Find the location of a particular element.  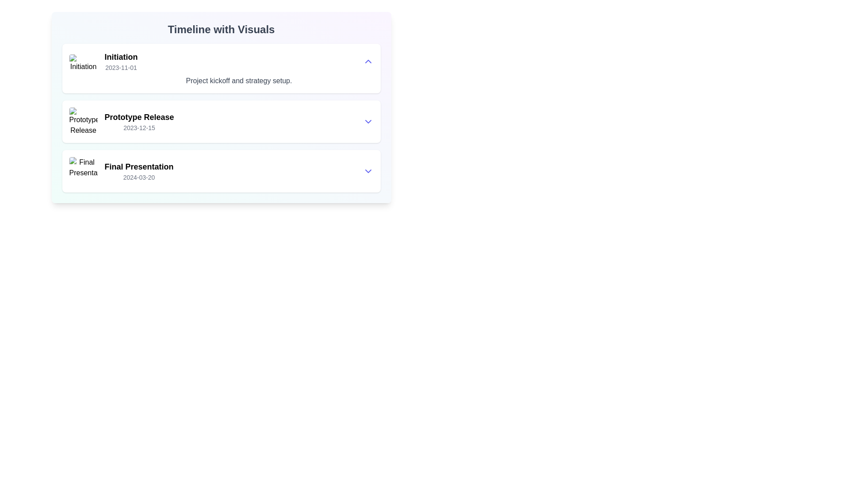

the static text label displaying '2024-03-20', which is located beneath the title 'Final Presentation' in the timeline display is located at coordinates (138, 177).